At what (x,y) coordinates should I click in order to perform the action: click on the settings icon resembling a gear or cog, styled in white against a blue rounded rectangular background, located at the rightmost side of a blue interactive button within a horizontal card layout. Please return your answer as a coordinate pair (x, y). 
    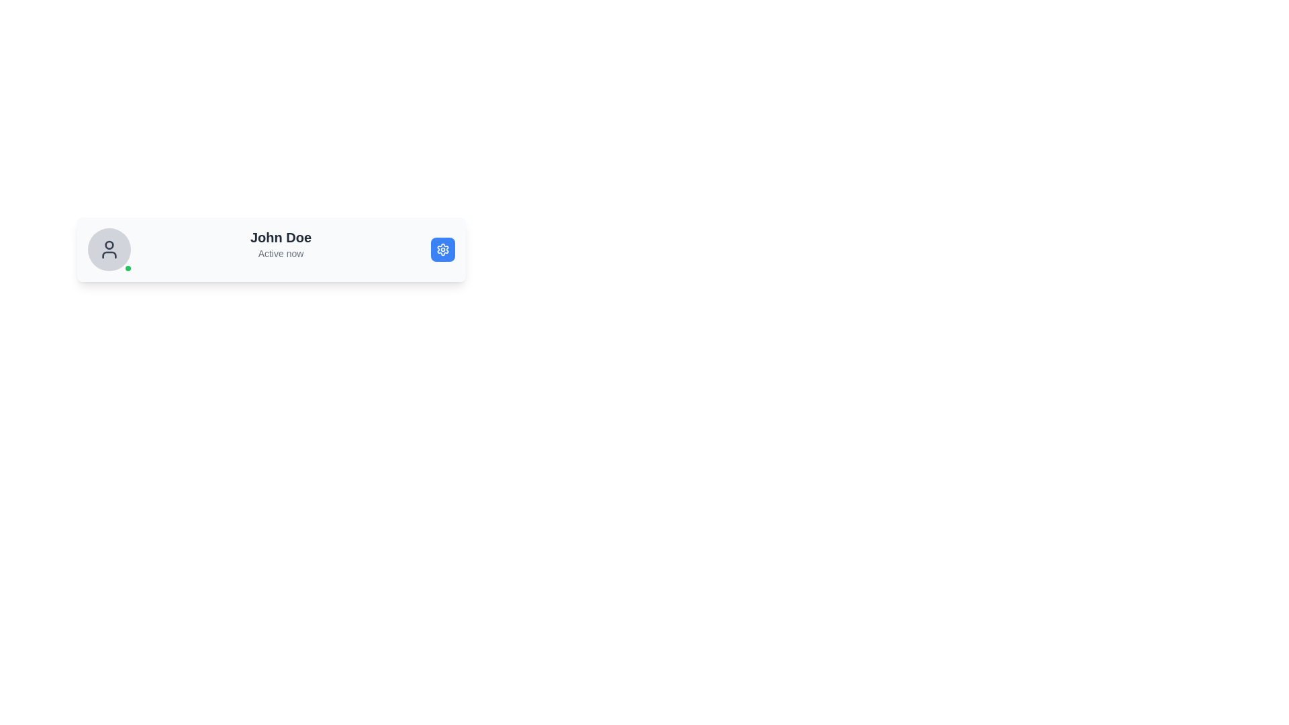
    Looking at the image, I should click on (443, 249).